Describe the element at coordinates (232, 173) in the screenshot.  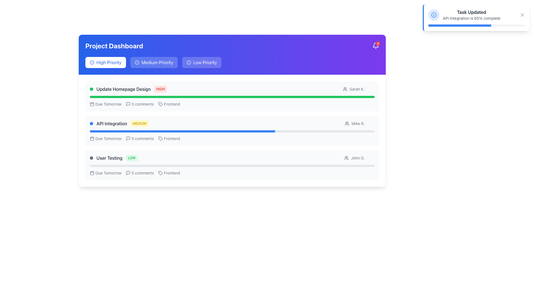
I see `the composite text label with iconography displaying 'Due Tomorrow5 commentsFrontend' in the 'User Testing' task entry of the project dashboard` at that location.